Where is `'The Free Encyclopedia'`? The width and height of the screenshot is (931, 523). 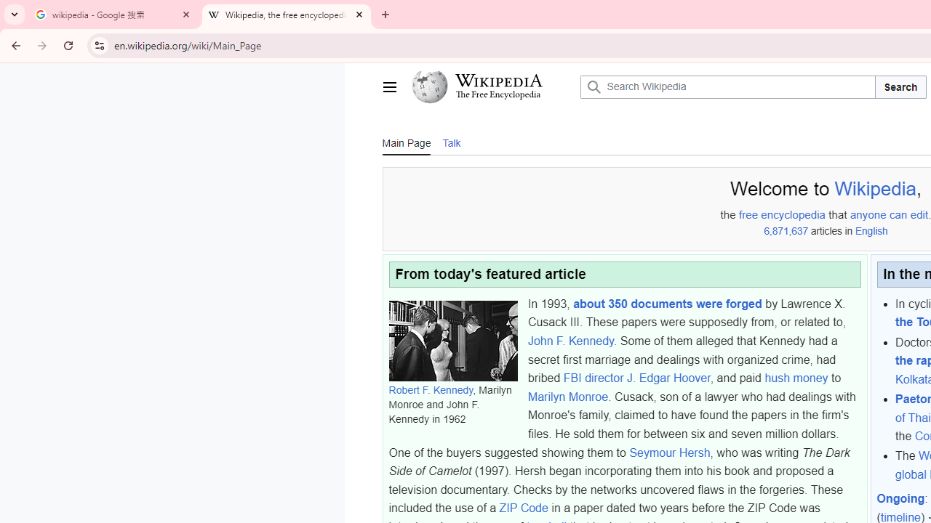 'The Free Encyclopedia' is located at coordinates (498, 95).